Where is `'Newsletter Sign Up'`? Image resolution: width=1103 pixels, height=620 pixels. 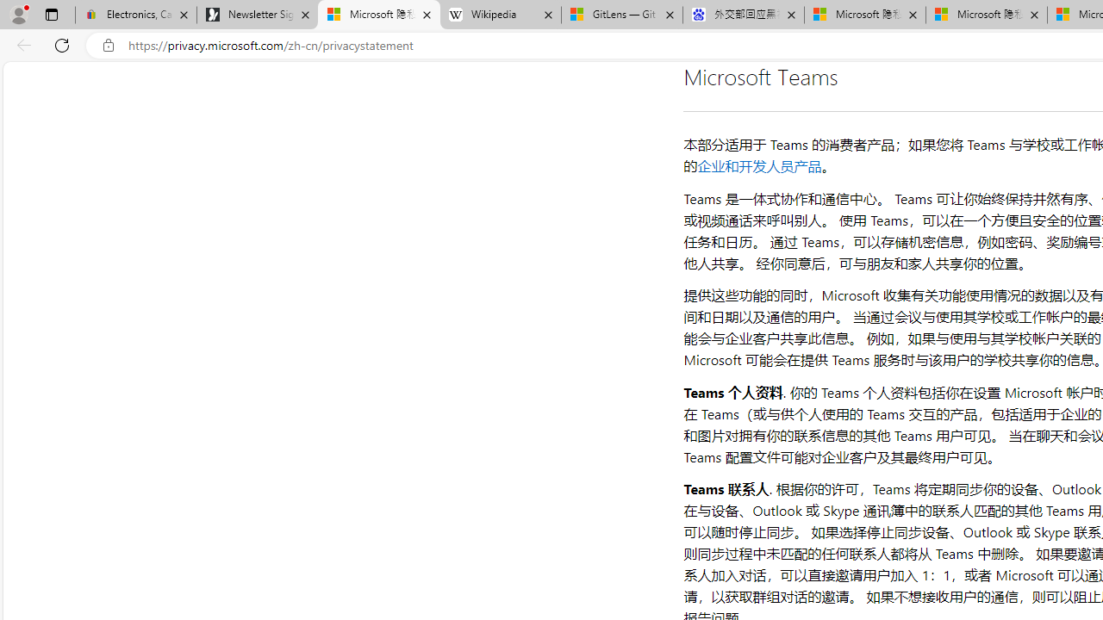 'Newsletter Sign Up' is located at coordinates (256, 15).